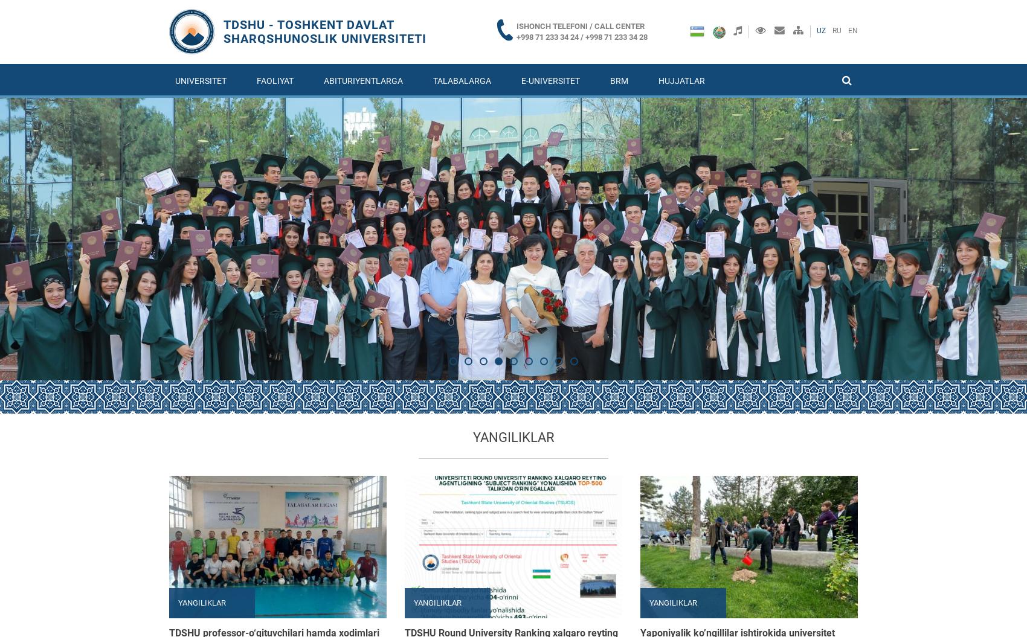 This screenshot has width=1027, height=637. I want to click on 'UZ', so click(821, 30).